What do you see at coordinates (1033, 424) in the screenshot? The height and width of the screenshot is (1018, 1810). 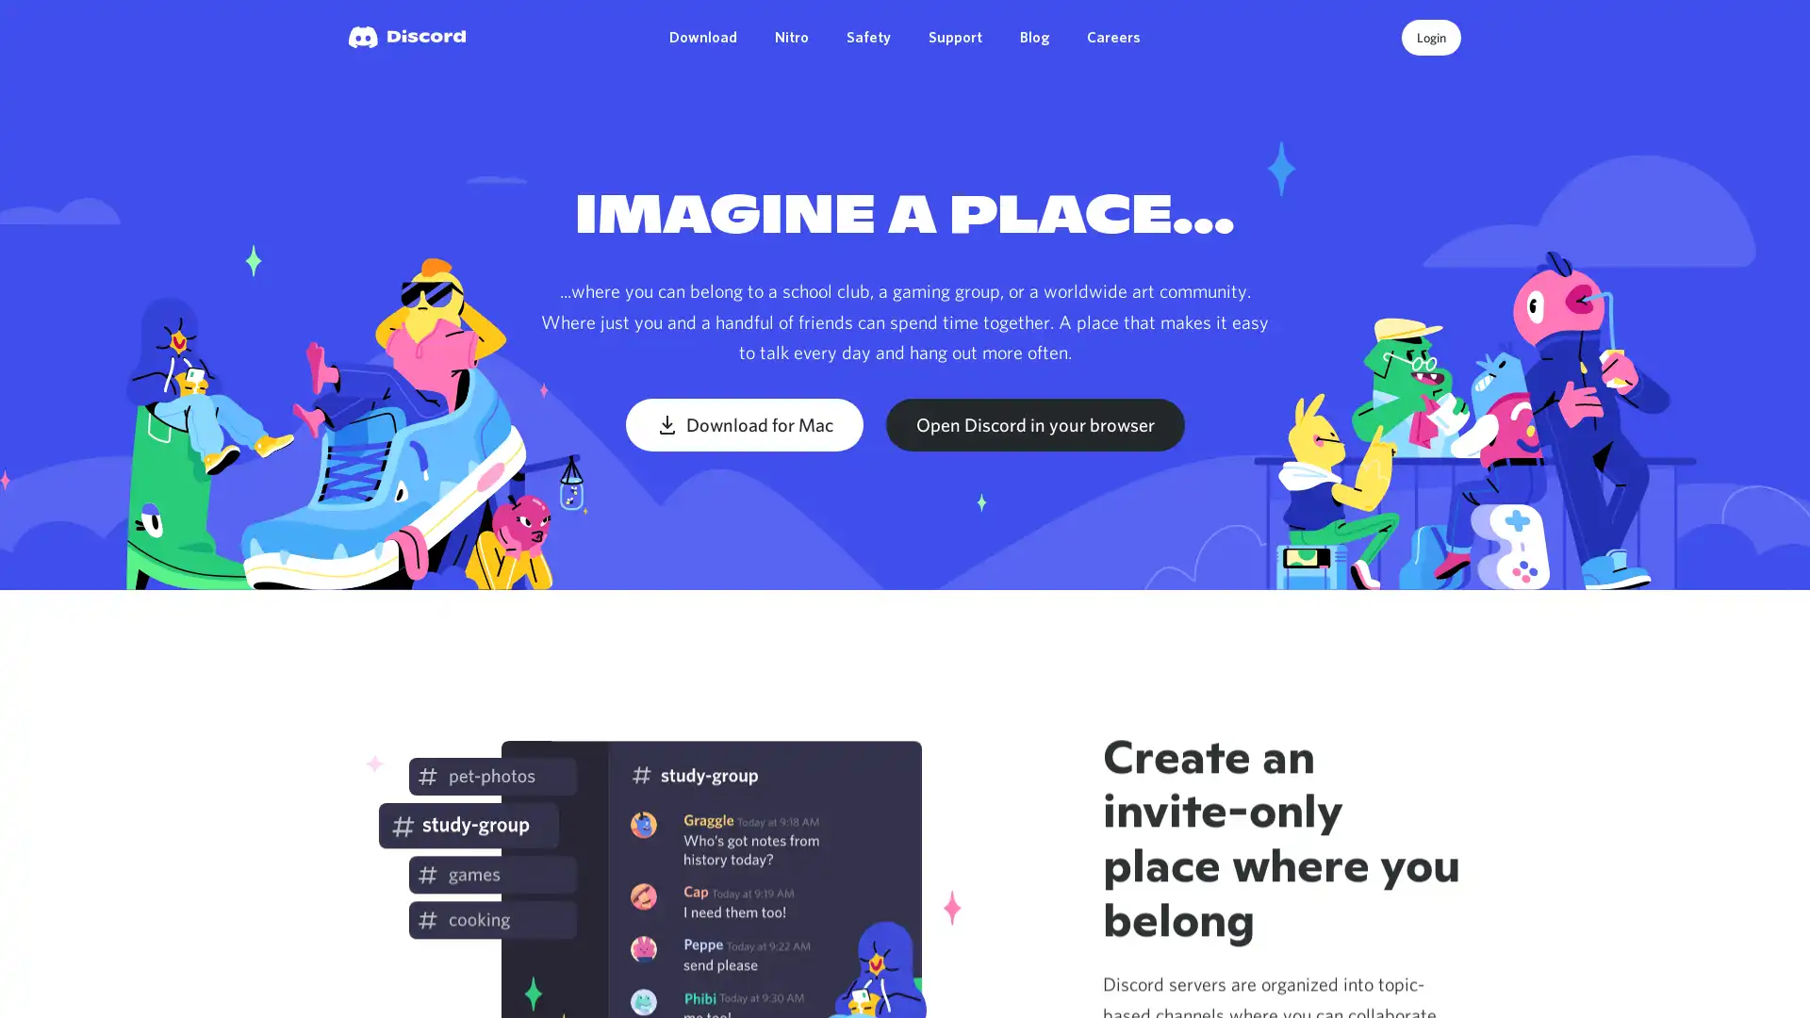 I see `Open Discord in your browser` at bounding box center [1033, 424].